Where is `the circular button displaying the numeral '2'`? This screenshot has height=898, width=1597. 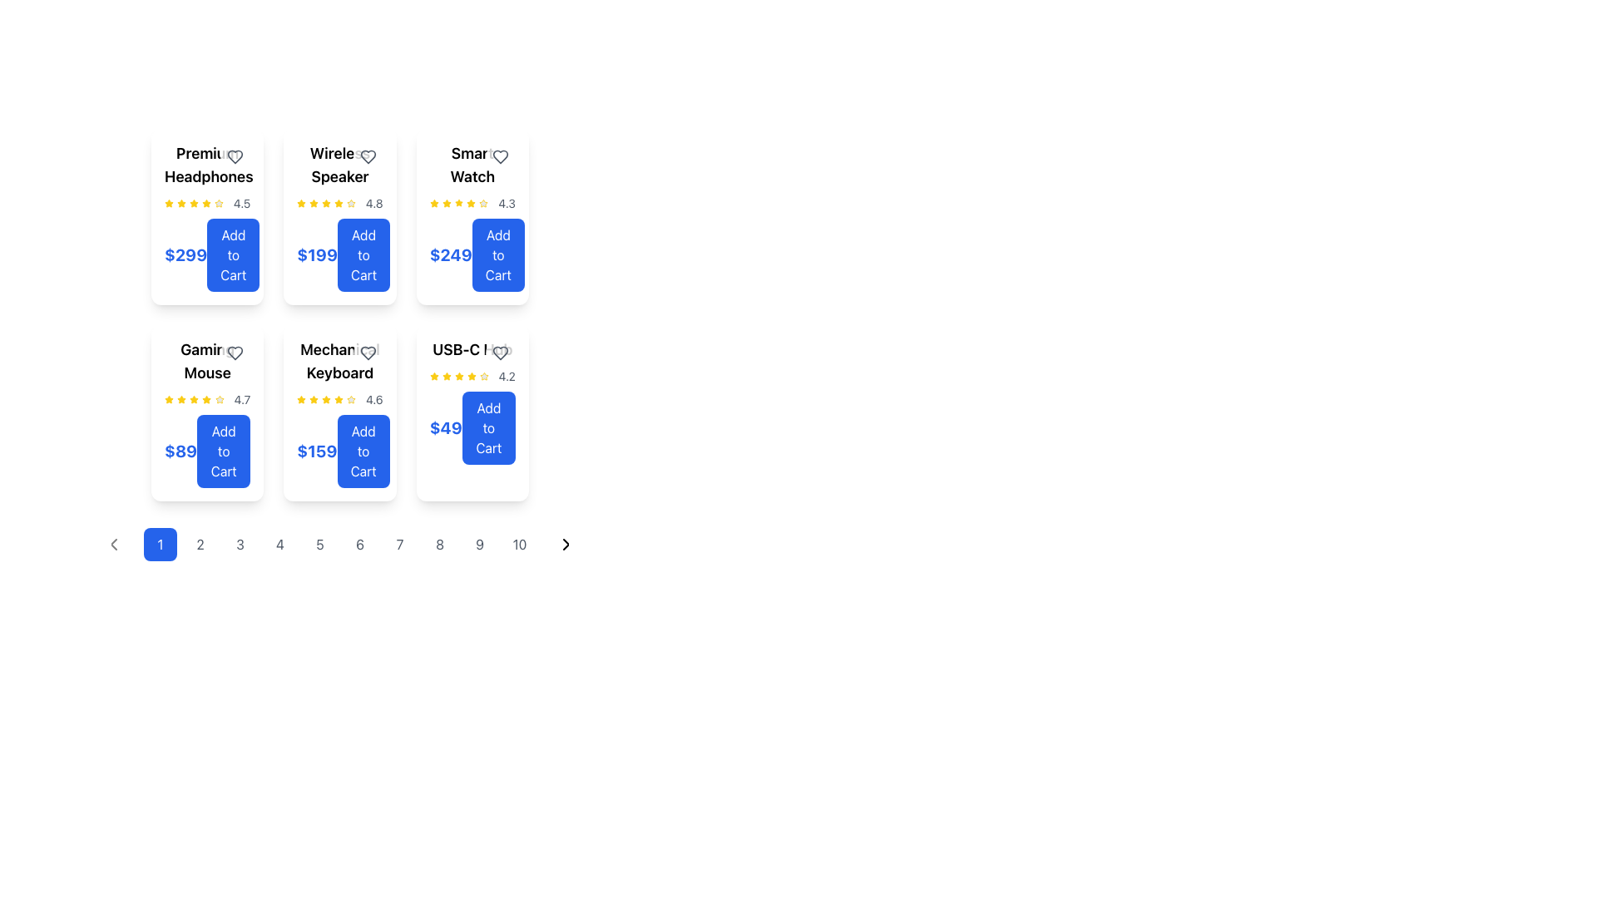
the circular button displaying the numeral '2' is located at coordinates (200, 545).